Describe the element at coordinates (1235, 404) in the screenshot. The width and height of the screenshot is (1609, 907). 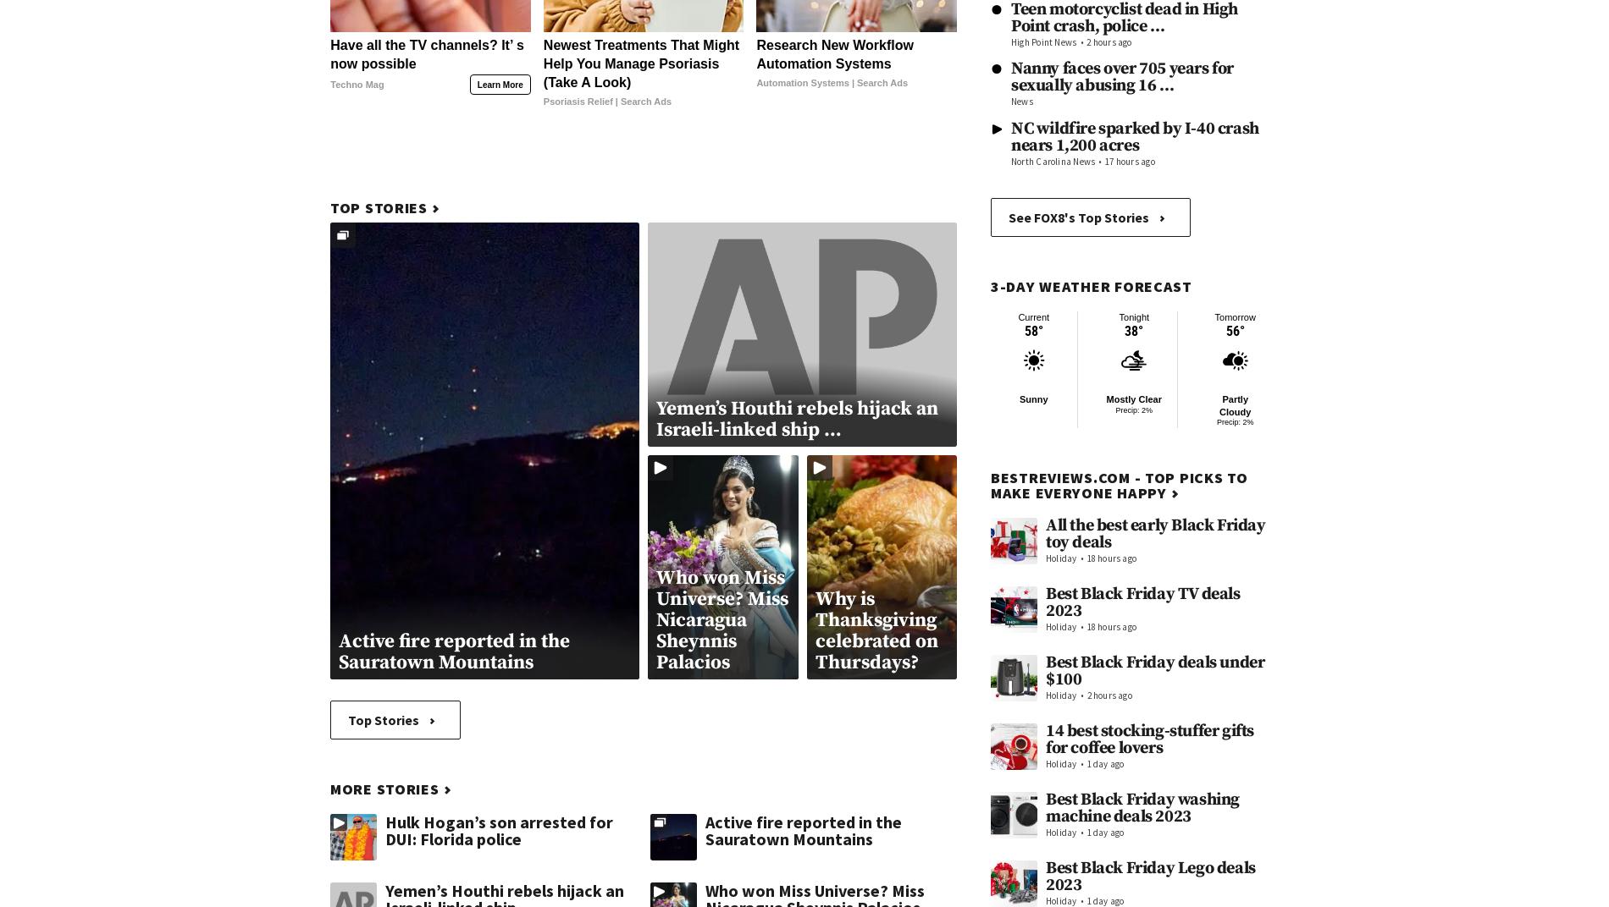
I see `'Partly Cloudy'` at that location.